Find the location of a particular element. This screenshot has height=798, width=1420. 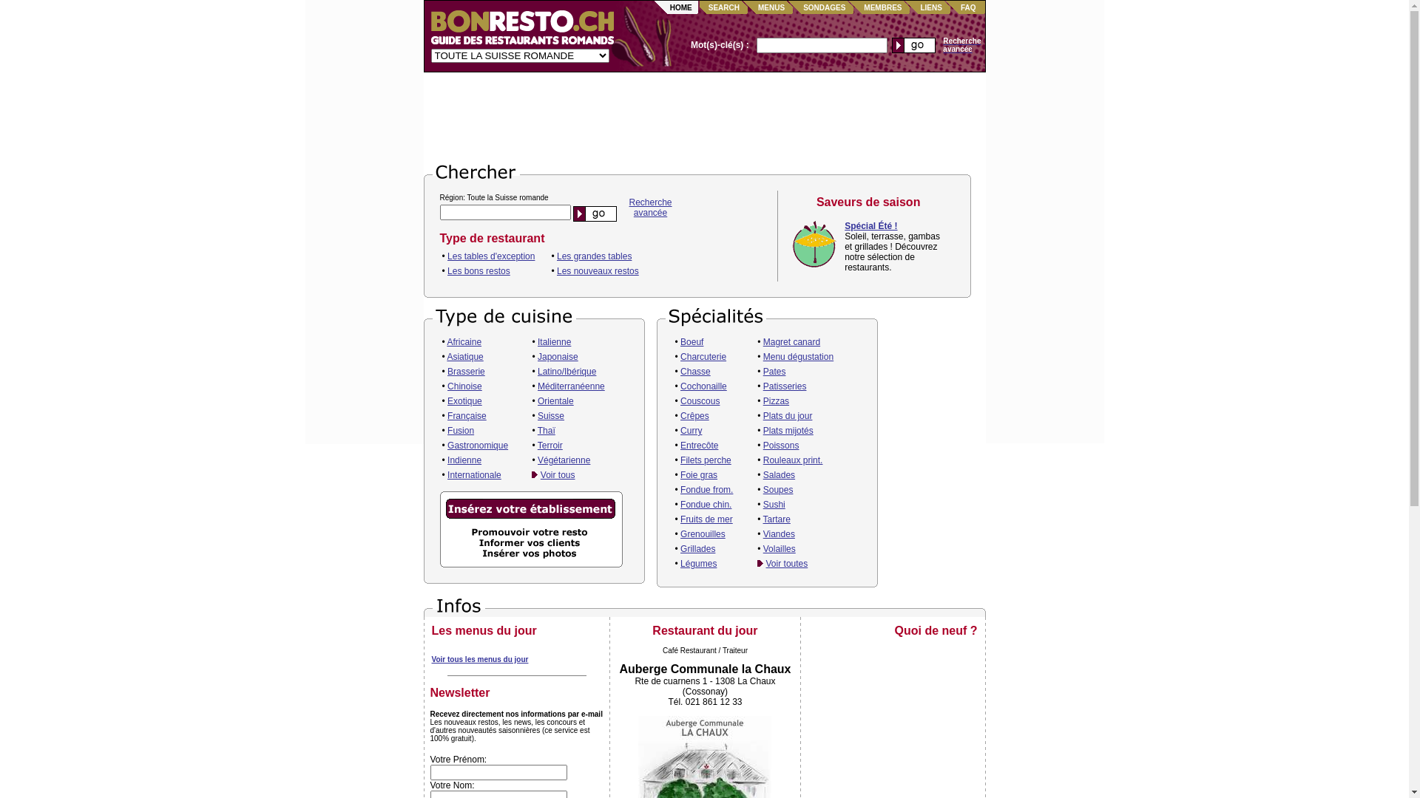

'Pizzas' is located at coordinates (775, 401).